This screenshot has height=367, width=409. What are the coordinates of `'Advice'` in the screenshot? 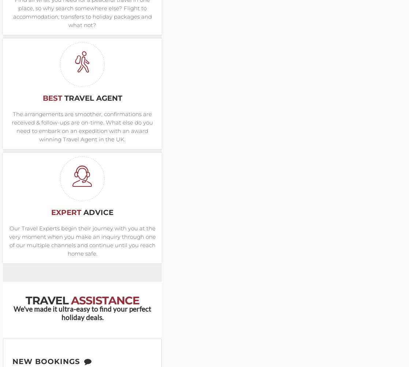 It's located at (83, 212).